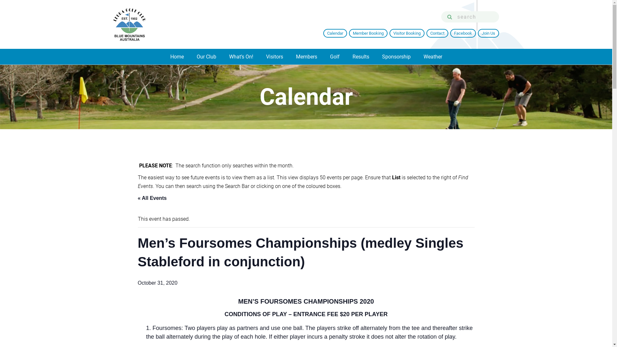 The width and height of the screenshot is (617, 347). What do you see at coordinates (396, 56) in the screenshot?
I see `'Sponsorship'` at bounding box center [396, 56].